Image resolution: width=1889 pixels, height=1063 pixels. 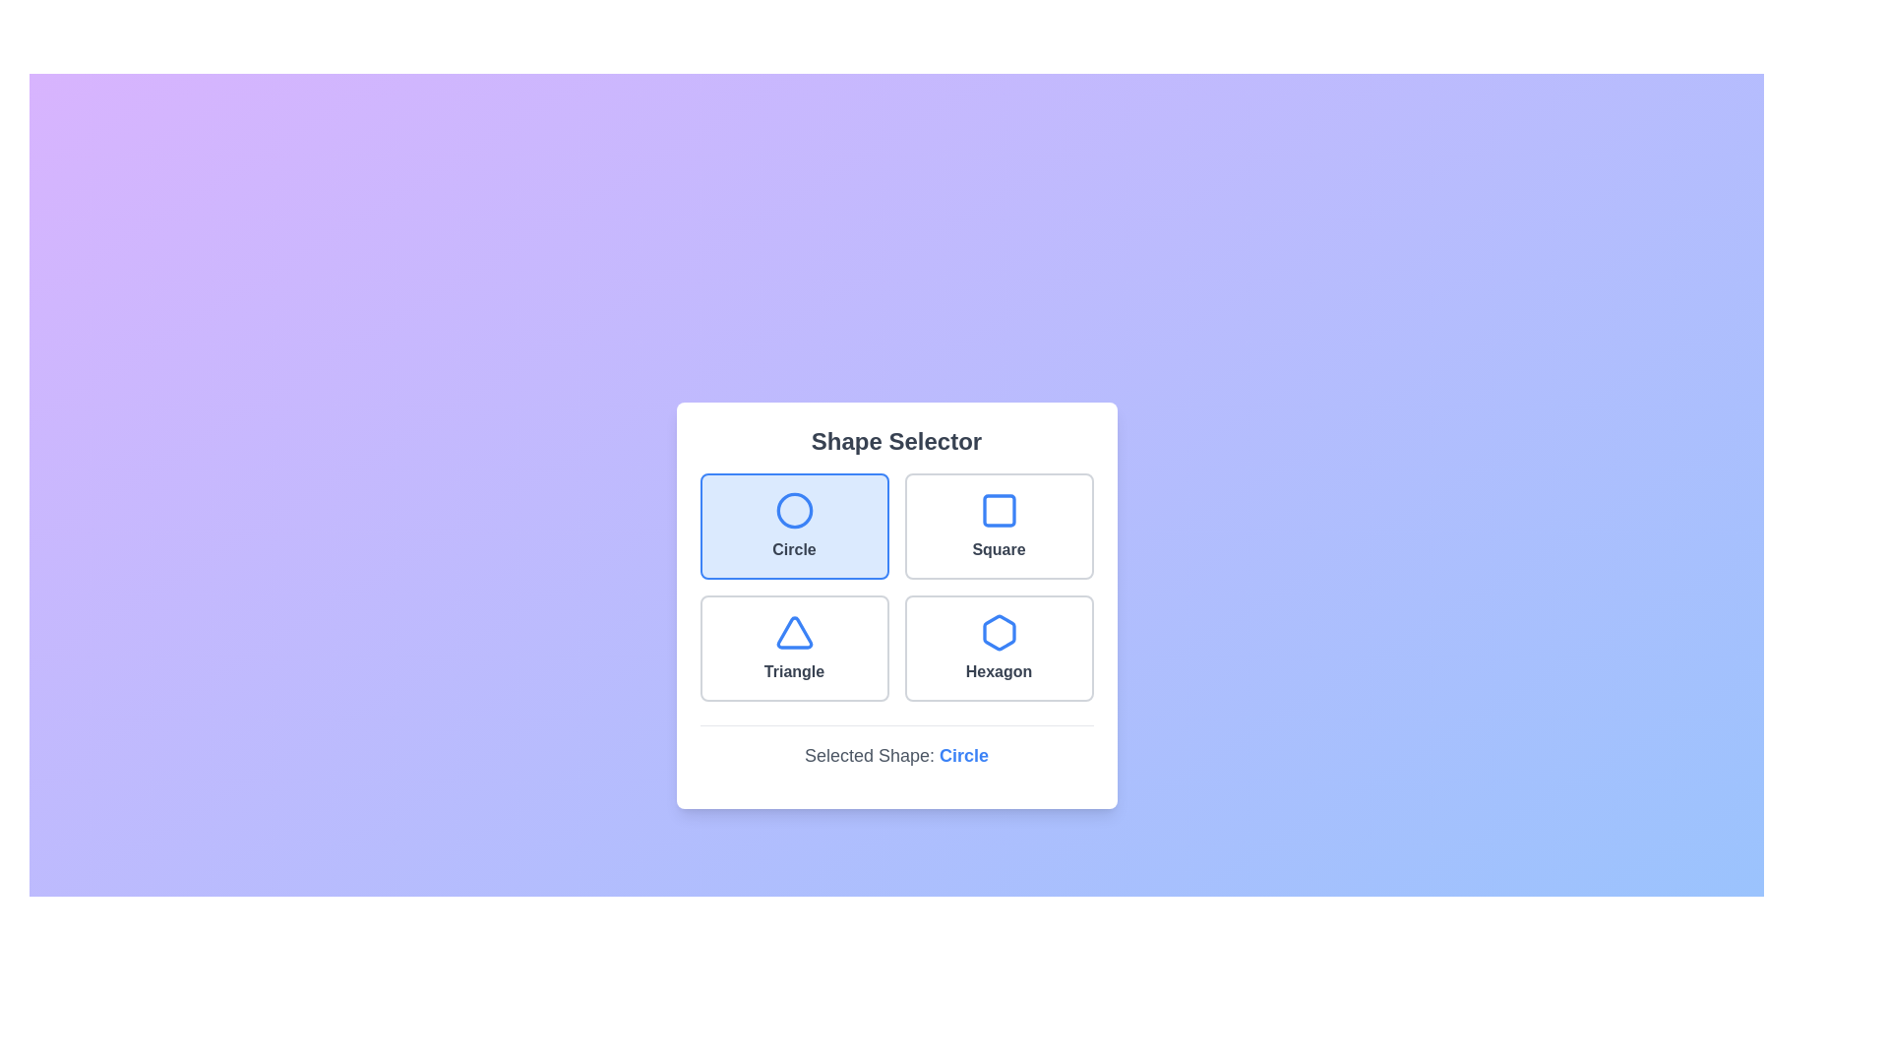 I want to click on the shape button corresponding to Hexagon, so click(x=999, y=648).